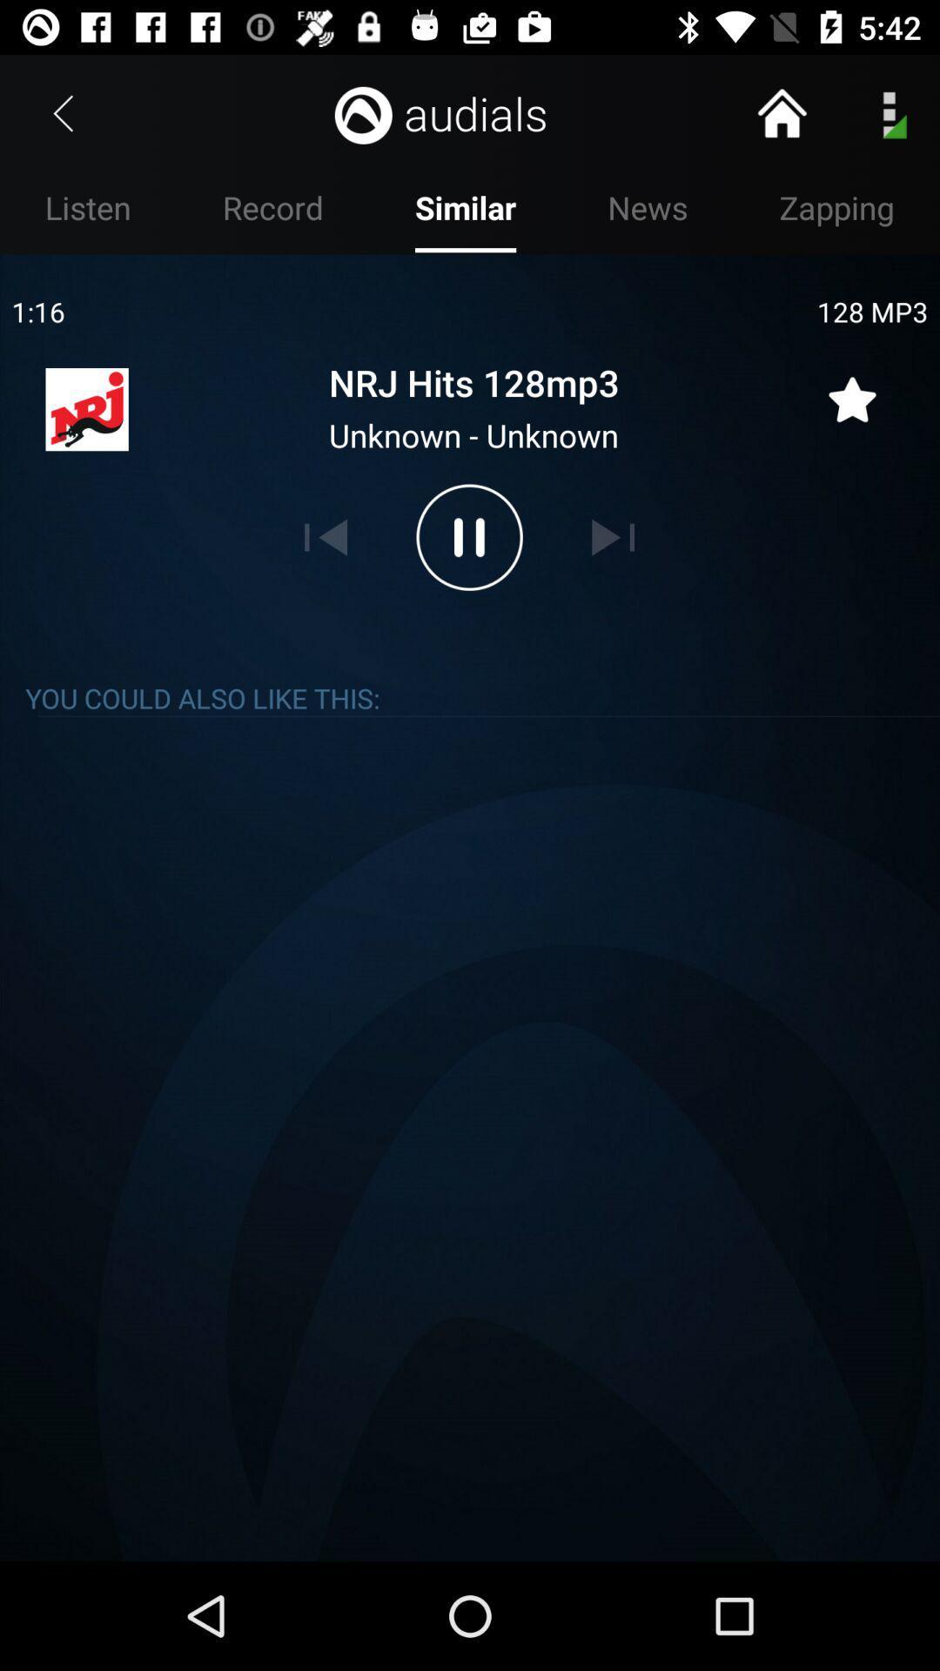  Describe the element at coordinates (468, 536) in the screenshot. I see `pause option` at that location.